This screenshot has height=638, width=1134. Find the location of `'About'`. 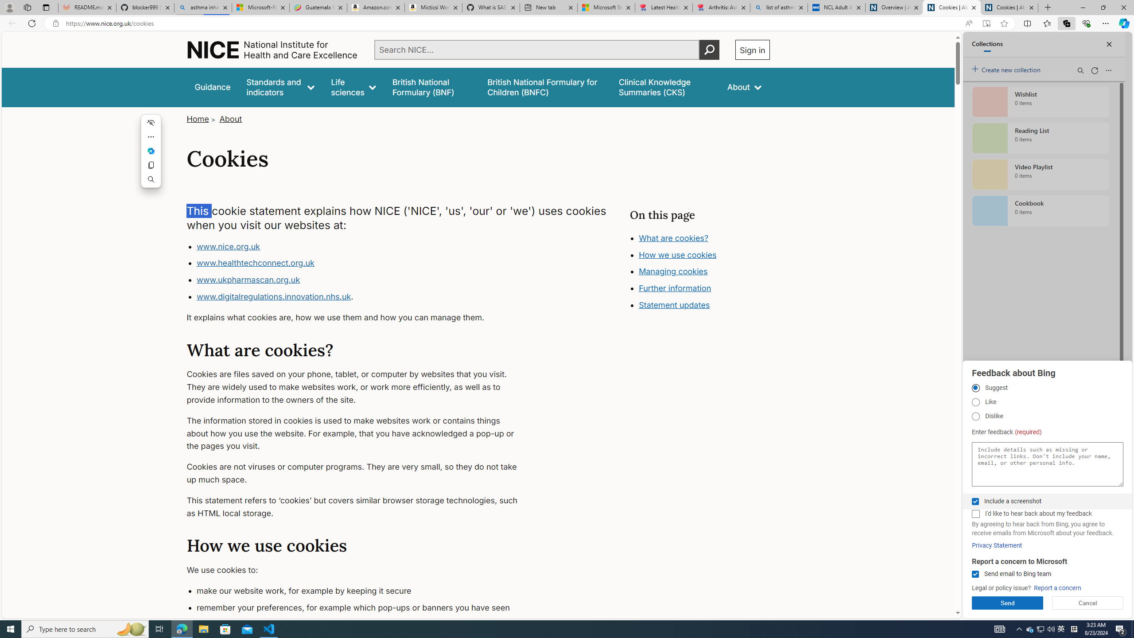

'About' is located at coordinates (744, 87).